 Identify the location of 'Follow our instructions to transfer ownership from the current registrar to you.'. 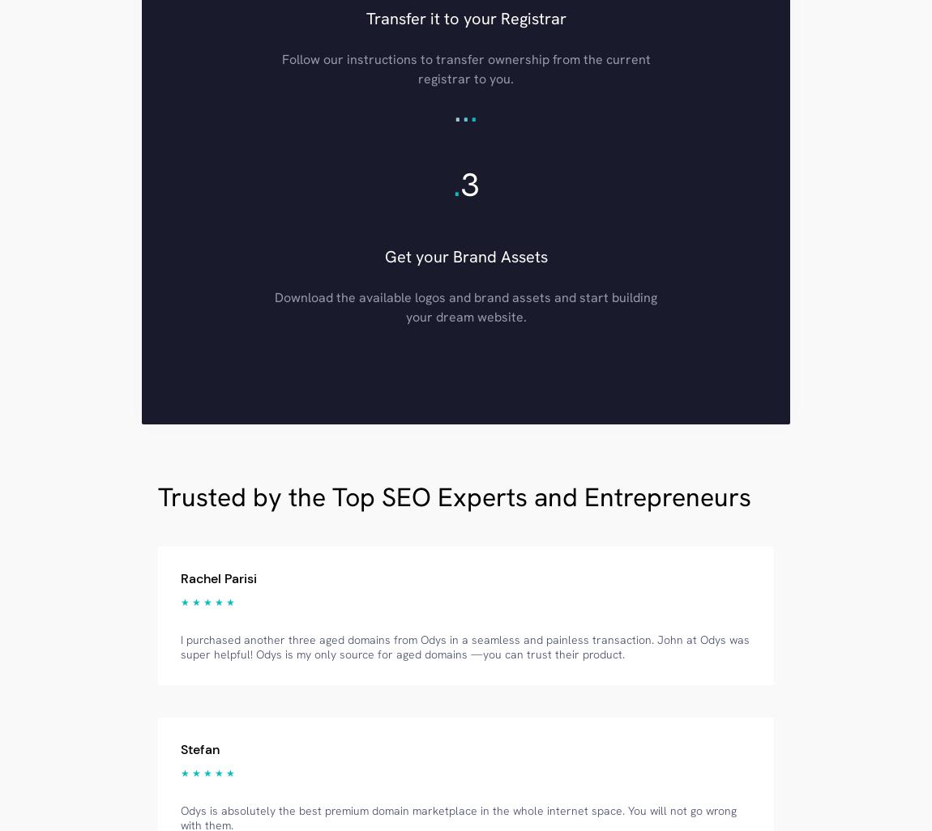
(465, 67).